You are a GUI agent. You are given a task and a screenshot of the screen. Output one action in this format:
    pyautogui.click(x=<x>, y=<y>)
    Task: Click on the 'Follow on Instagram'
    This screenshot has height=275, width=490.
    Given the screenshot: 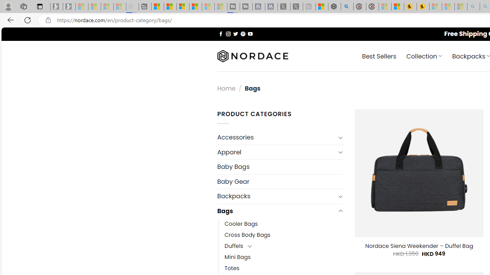 What is the action you would take?
    pyautogui.click(x=228, y=33)
    